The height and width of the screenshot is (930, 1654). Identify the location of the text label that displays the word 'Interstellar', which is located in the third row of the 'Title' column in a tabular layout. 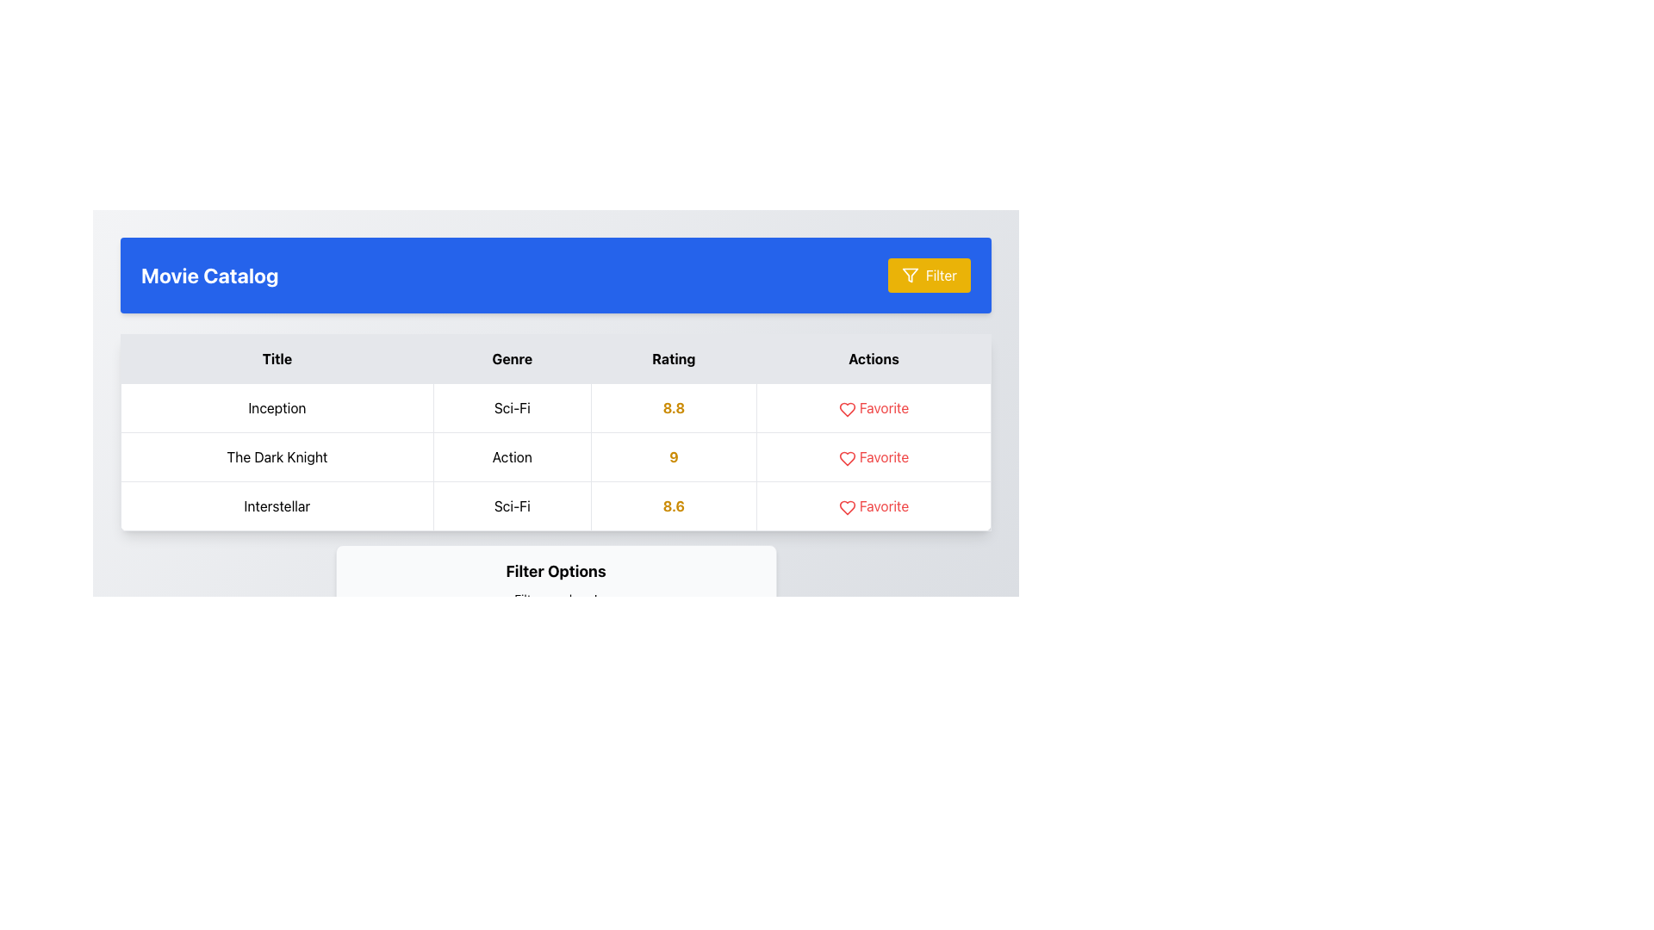
(277, 505).